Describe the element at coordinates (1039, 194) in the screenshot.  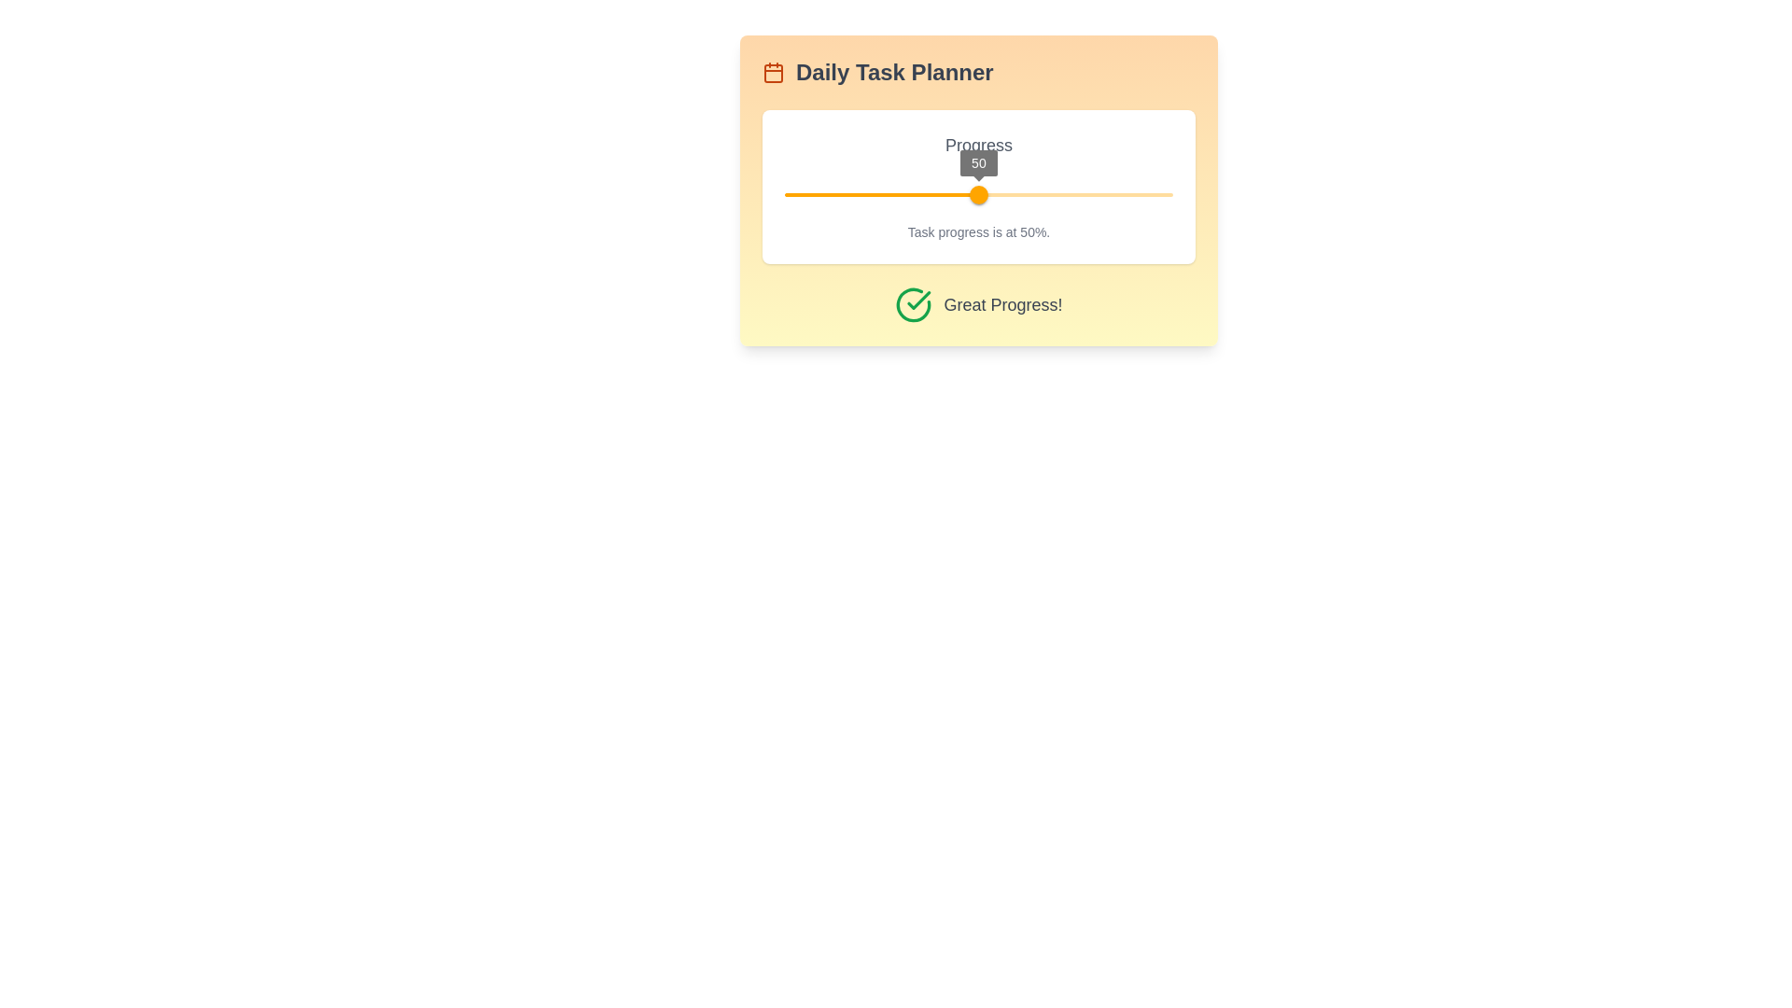
I see `the progress value` at that location.